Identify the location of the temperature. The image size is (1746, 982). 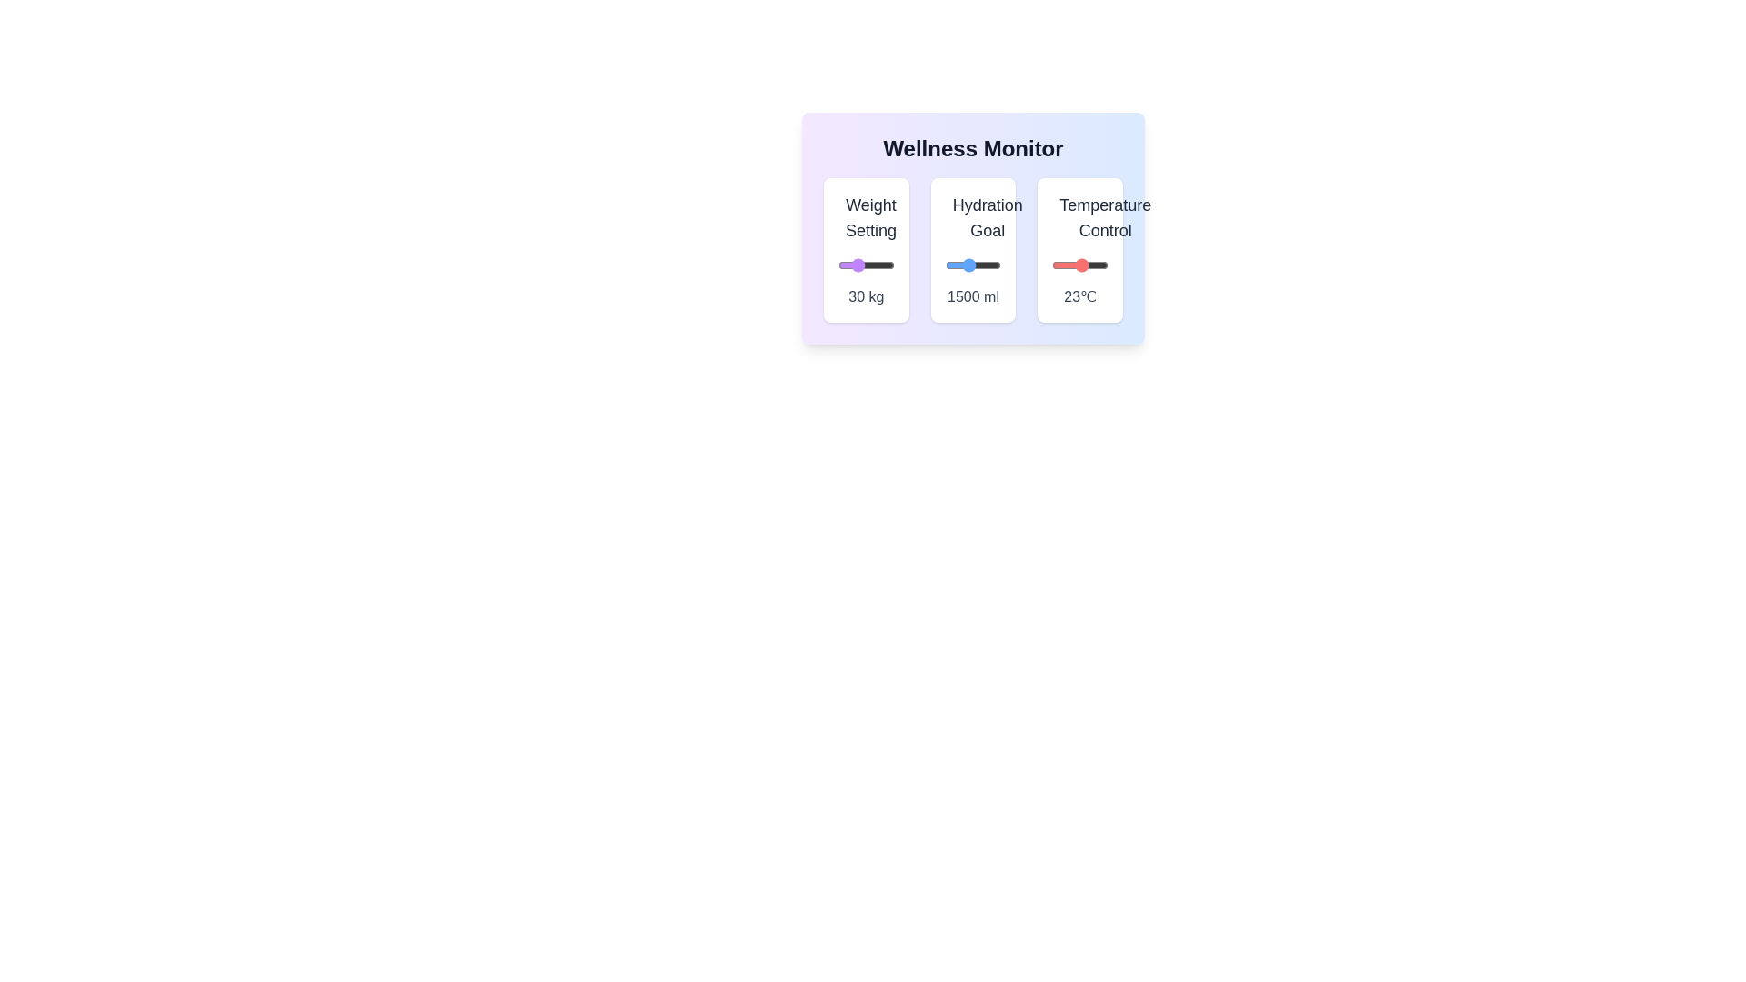
(1083, 266).